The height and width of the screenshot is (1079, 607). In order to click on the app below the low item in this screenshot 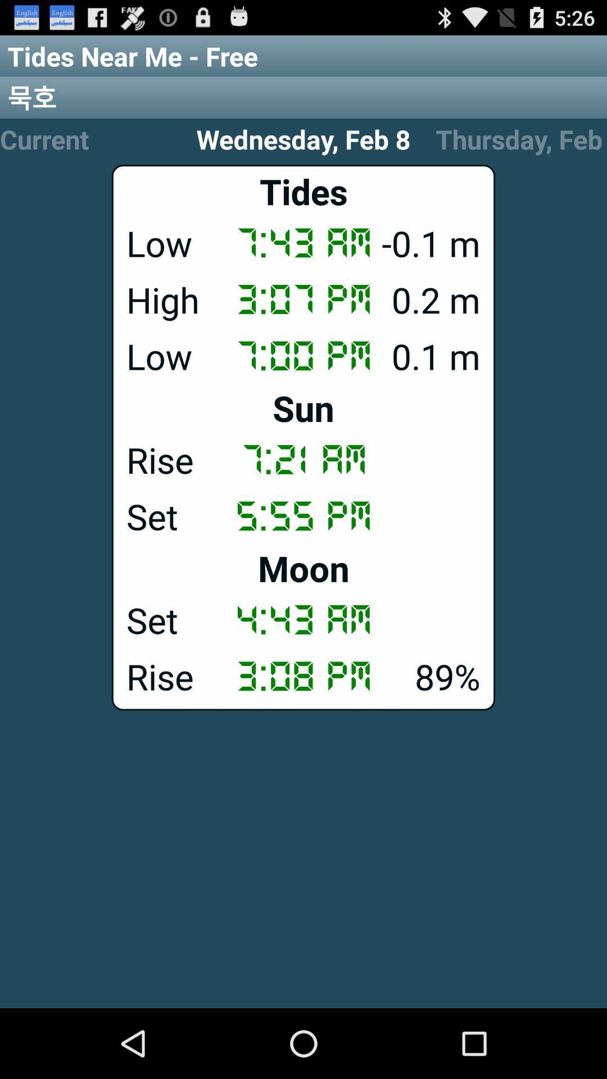, I will do `click(303, 407)`.